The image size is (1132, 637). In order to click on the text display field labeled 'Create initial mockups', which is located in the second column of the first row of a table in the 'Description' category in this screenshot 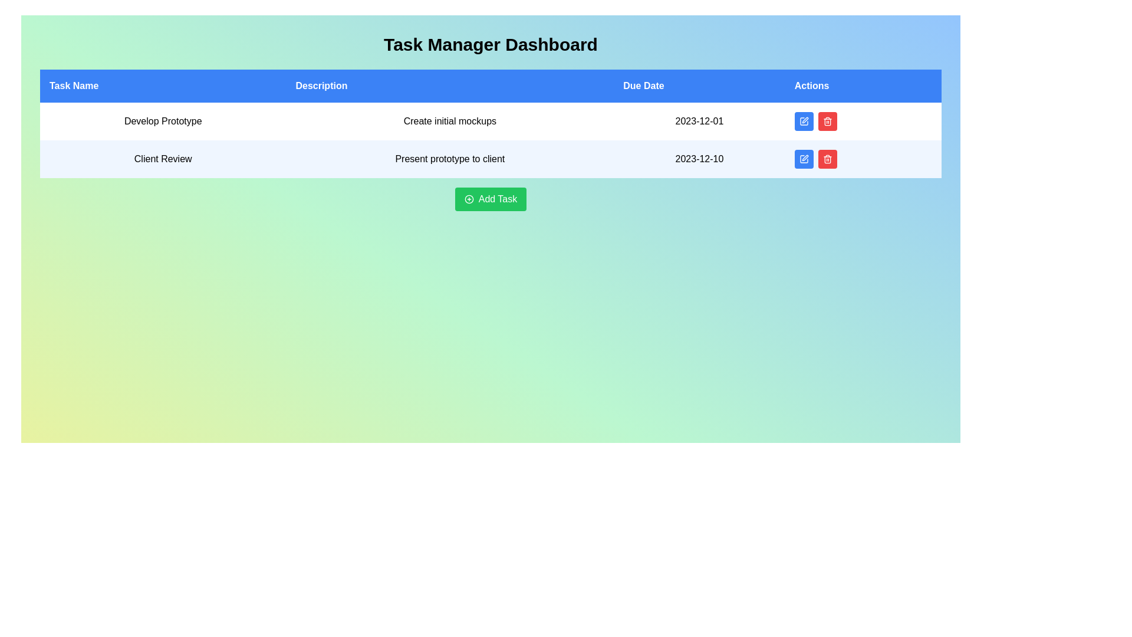, I will do `click(449, 121)`.